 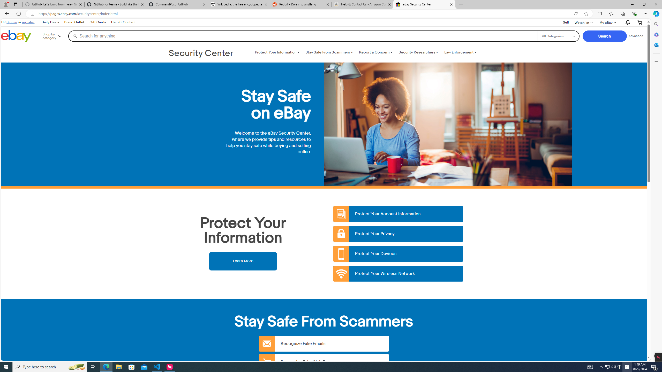 What do you see at coordinates (576, 14) in the screenshot?
I see `'Read aloud this page (Ctrl+Shift+U)'` at bounding box center [576, 14].